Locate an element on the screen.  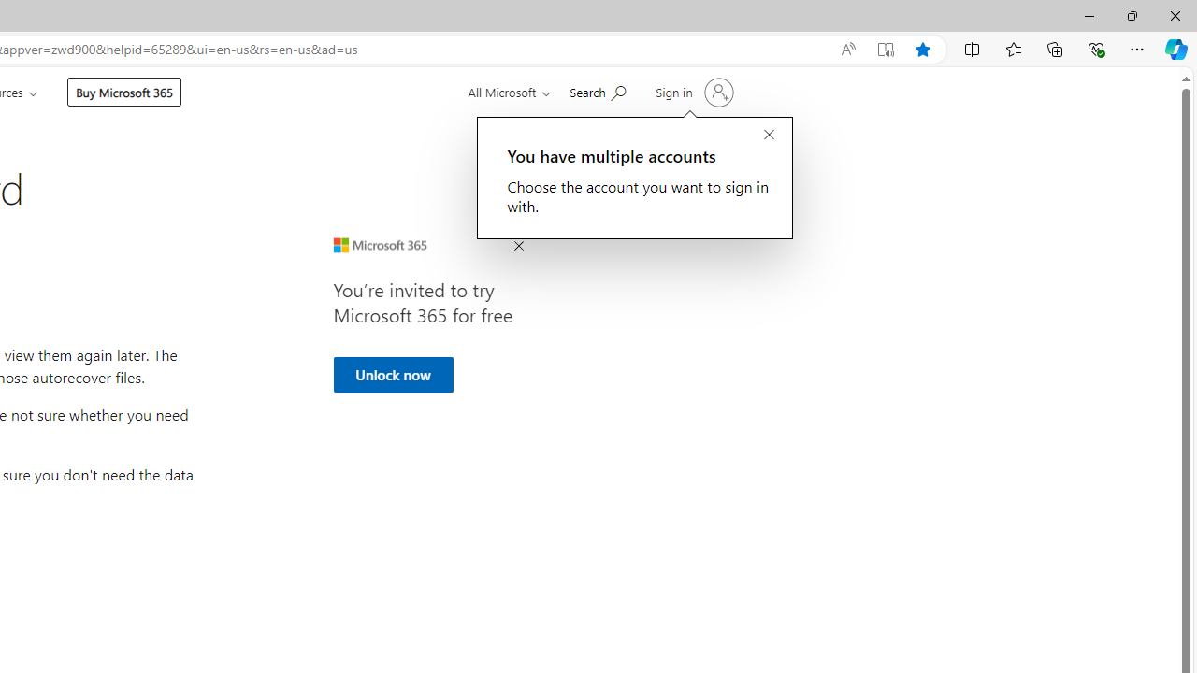
'Add this page to favorites (Ctrl+D)' is located at coordinates (922, 49).